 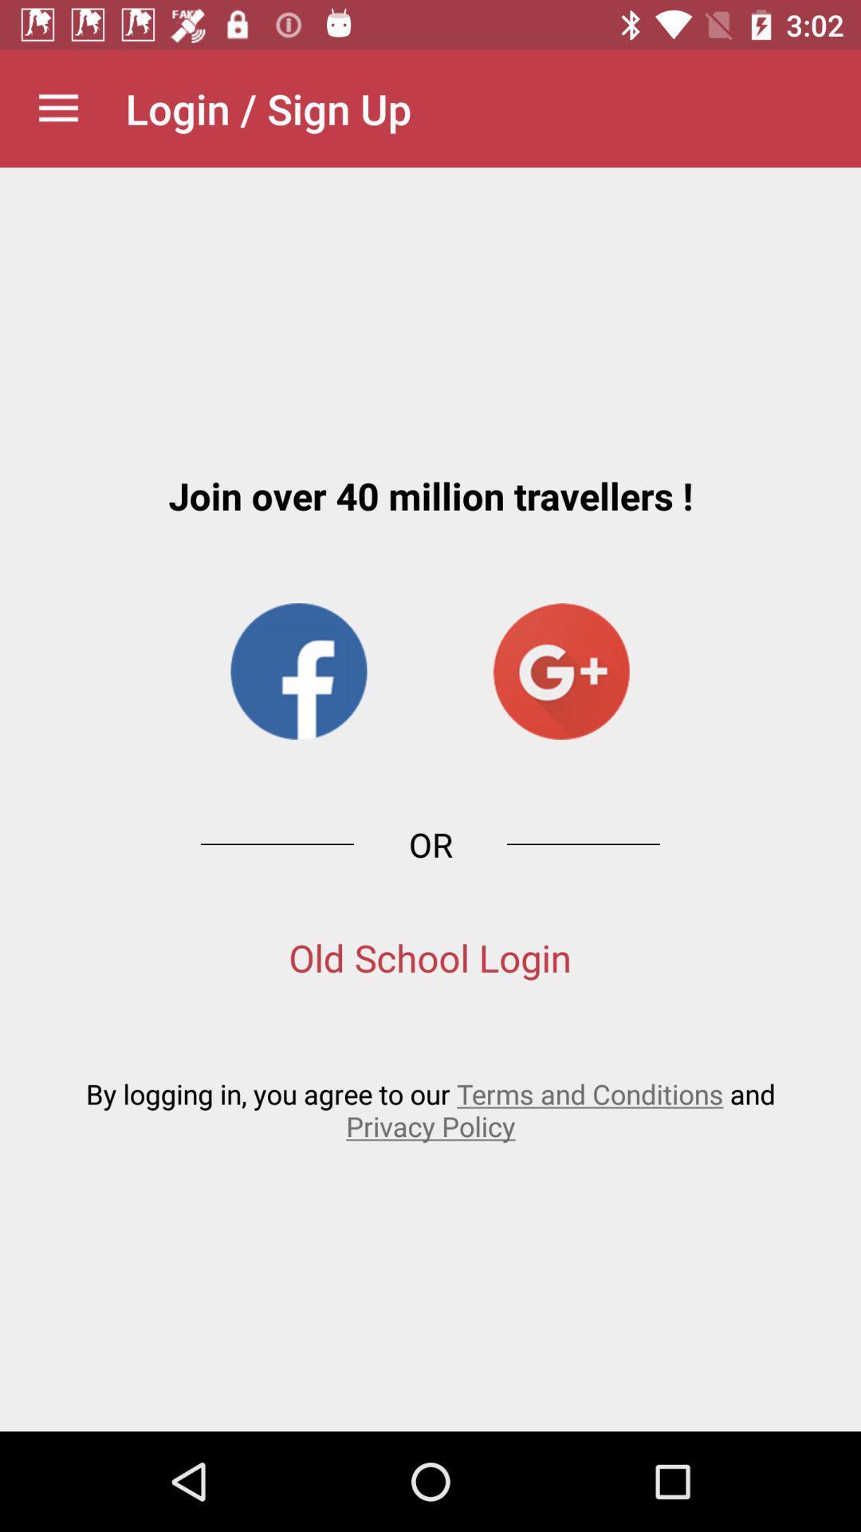 What do you see at coordinates (298, 671) in the screenshot?
I see `the item below the join over 40 item` at bounding box center [298, 671].